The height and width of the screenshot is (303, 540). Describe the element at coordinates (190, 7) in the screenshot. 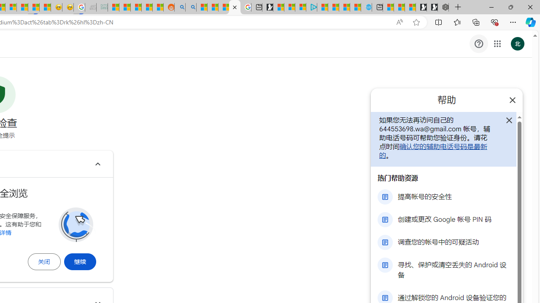

I see `'Utah sues federal government - Search'` at that location.